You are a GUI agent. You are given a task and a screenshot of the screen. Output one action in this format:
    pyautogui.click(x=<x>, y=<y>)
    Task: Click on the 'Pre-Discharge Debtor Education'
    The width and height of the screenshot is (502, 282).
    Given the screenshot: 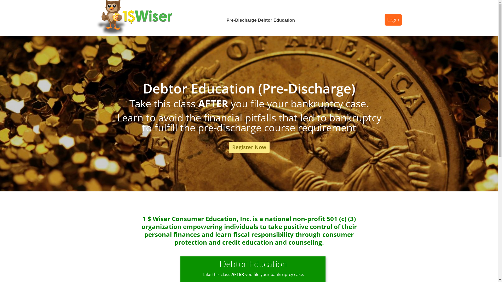 What is the action you would take?
    pyautogui.click(x=263, y=20)
    